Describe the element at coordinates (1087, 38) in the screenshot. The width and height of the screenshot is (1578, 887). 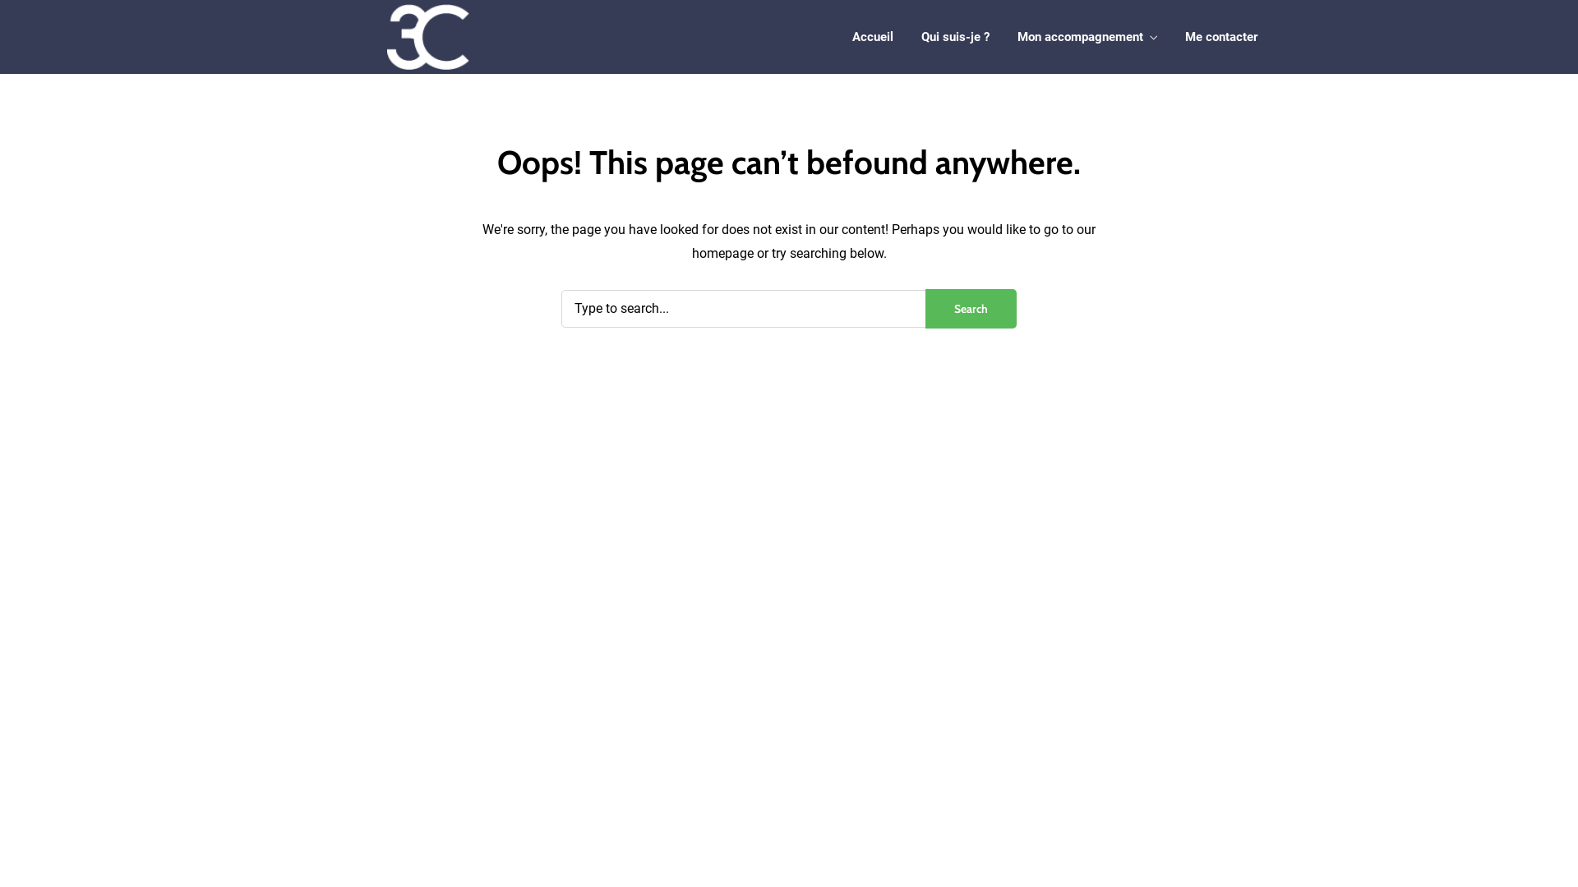
I see `'Mon accompagnement'` at that location.